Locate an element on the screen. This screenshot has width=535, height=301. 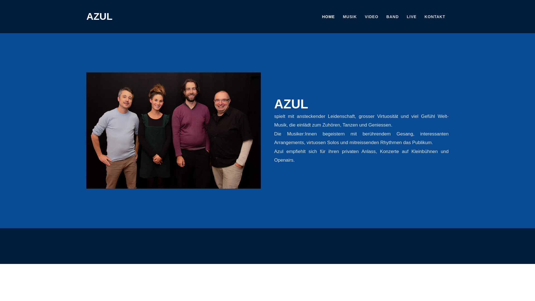
'MUSIK' is located at coordinates (349, 16).